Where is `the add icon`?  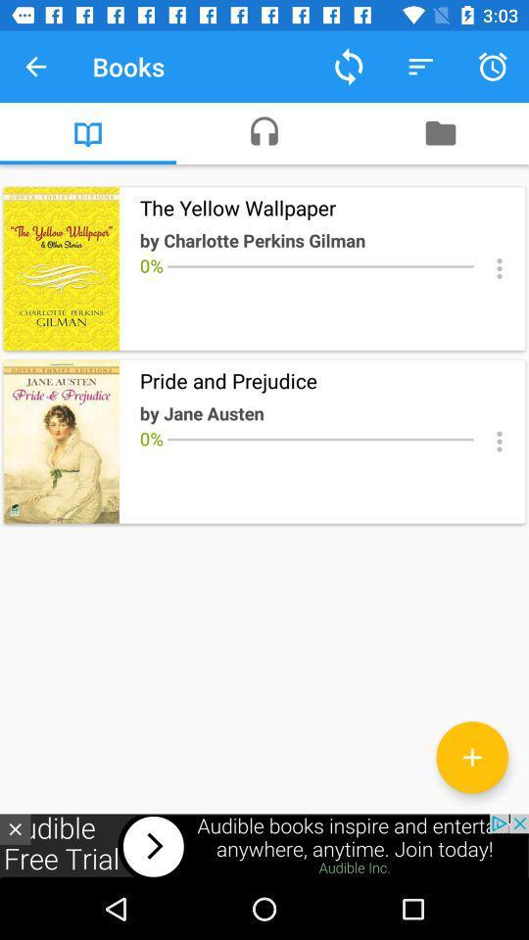 the add icon is located at coordinates (471, 756).